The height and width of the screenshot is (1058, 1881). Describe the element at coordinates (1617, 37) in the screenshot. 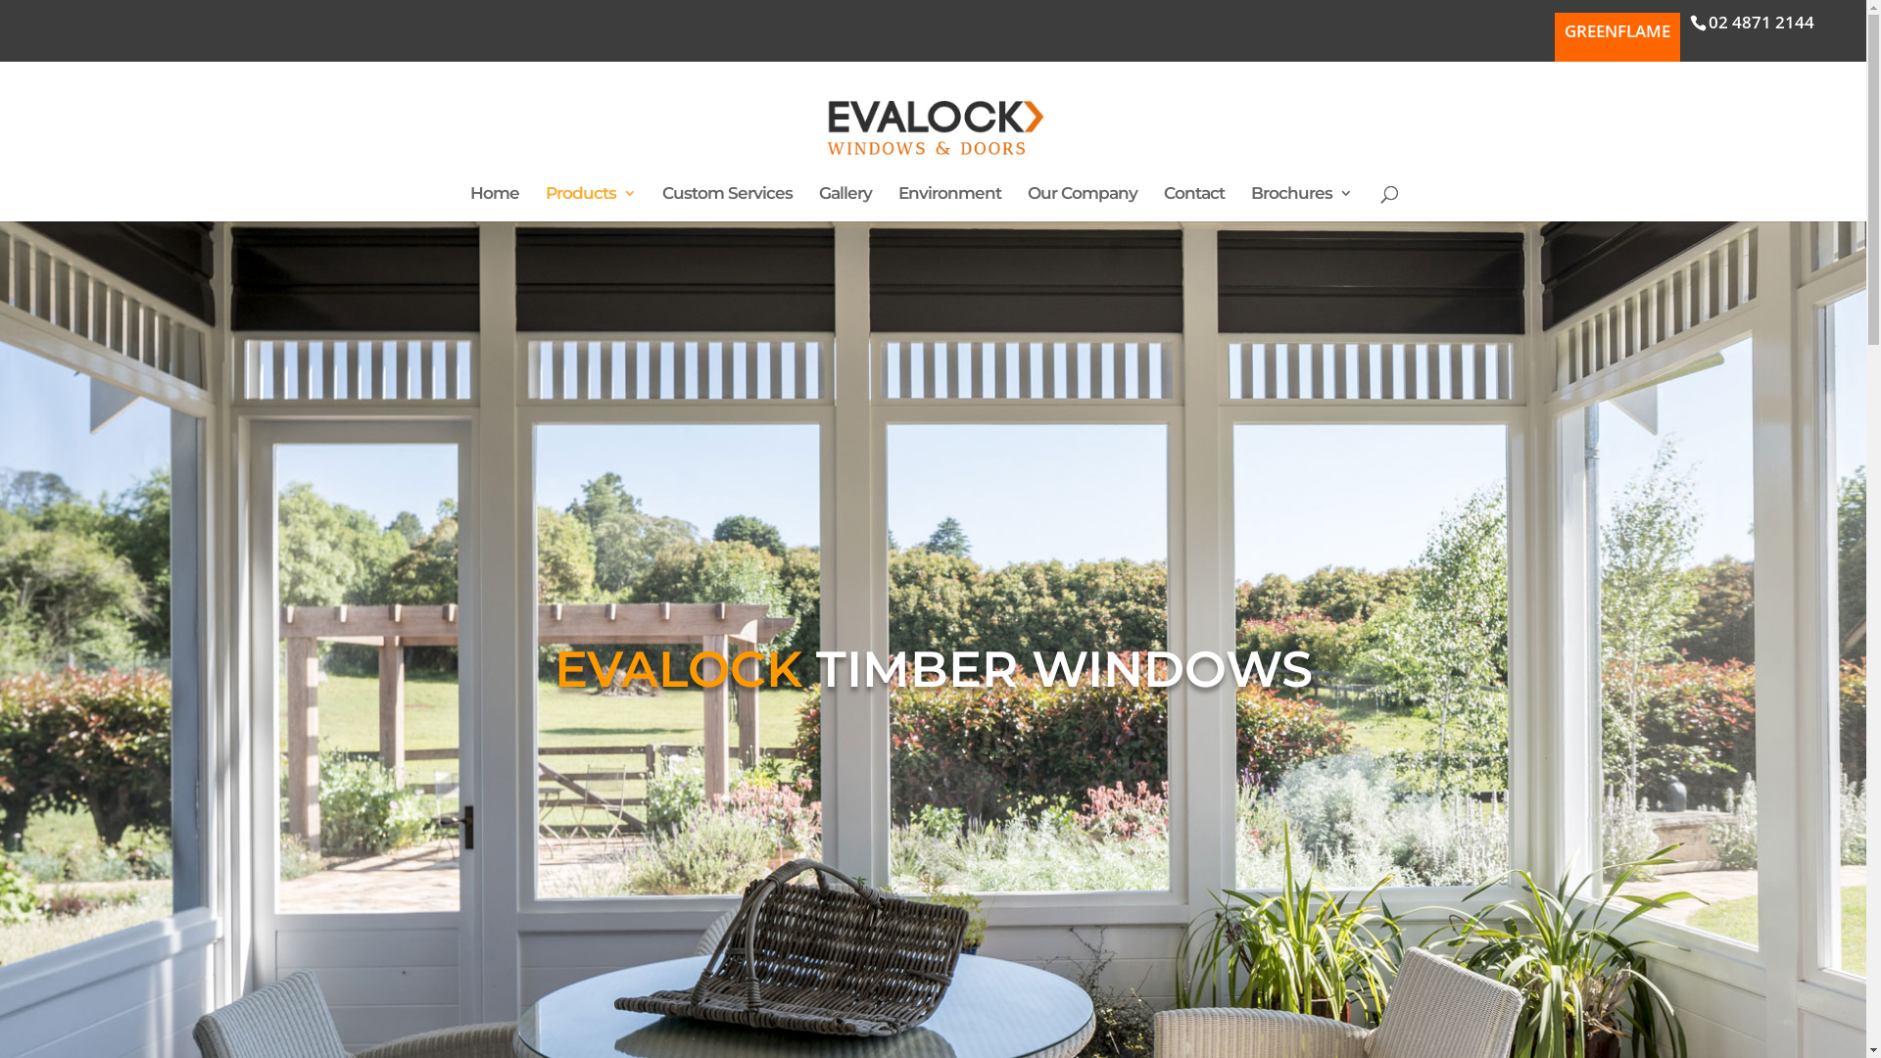

I see `'GREENFLAME'` at that location.